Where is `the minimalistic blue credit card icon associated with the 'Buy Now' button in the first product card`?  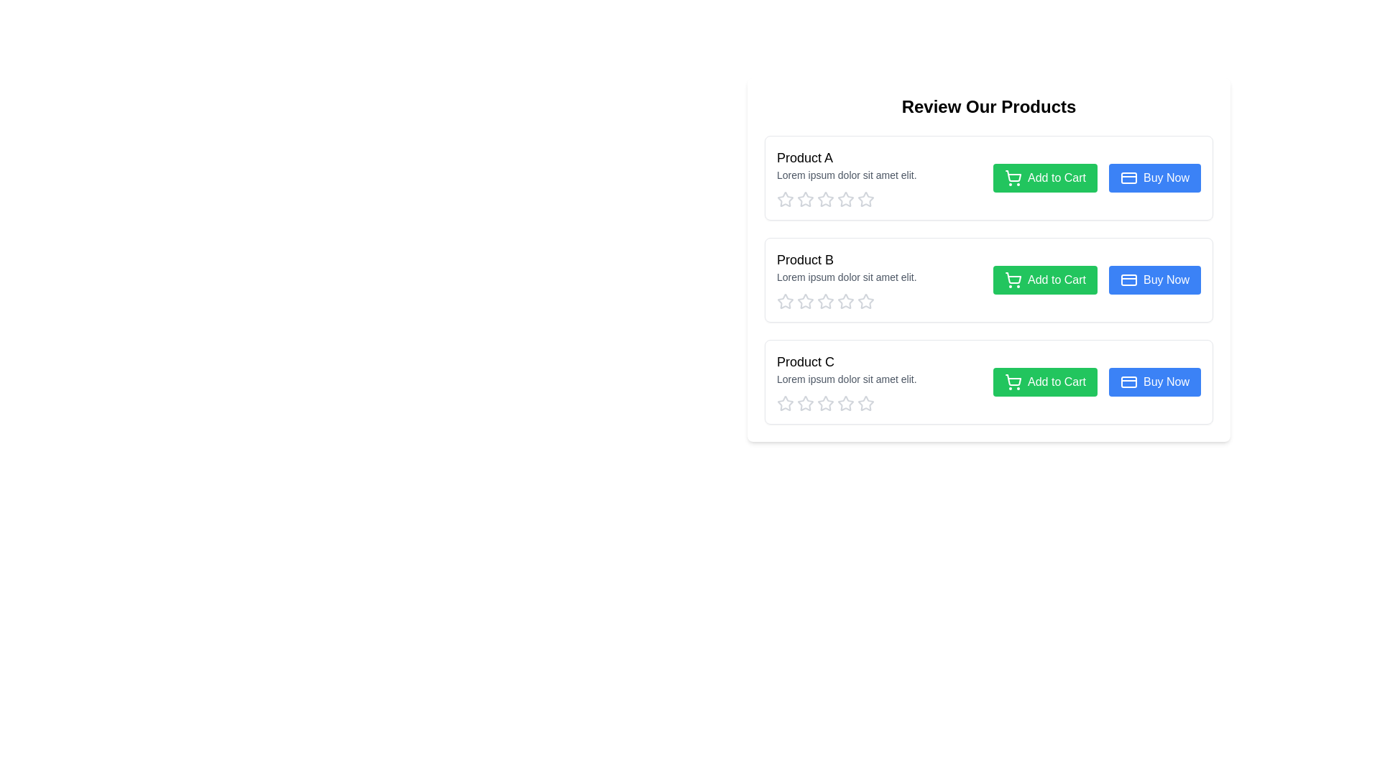 the minimalistic blue credit card icon associated with the 'Buy Now' button in the first product card is located at coordinates (1128, 177).